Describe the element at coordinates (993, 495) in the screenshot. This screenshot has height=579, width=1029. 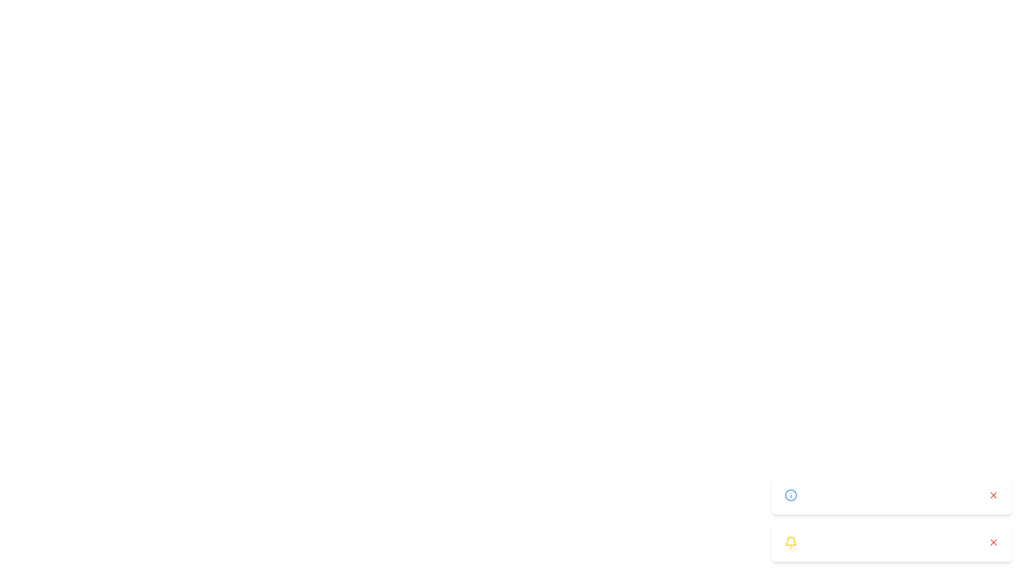
I see `close button on the notification with message 'System update completed successfully!'` at that location.